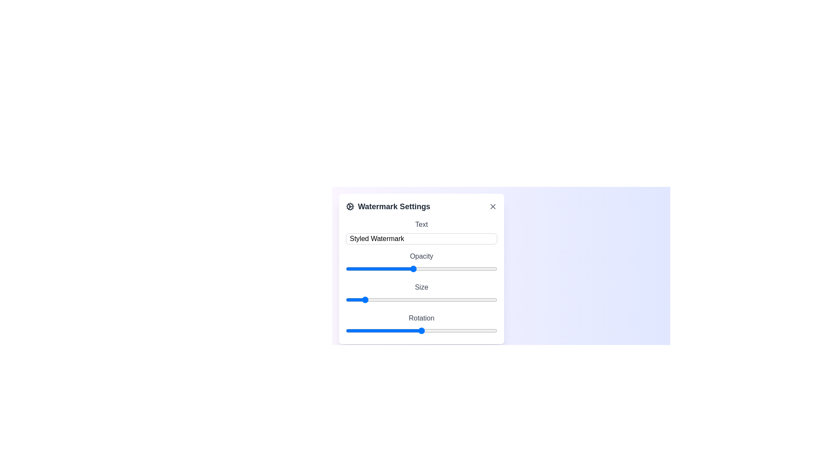 The height and width of the screenshot is (464, 826). What do you see at coordinates (404, 299) in the screenshot?
I see `size` at bounding box center [404, 299].